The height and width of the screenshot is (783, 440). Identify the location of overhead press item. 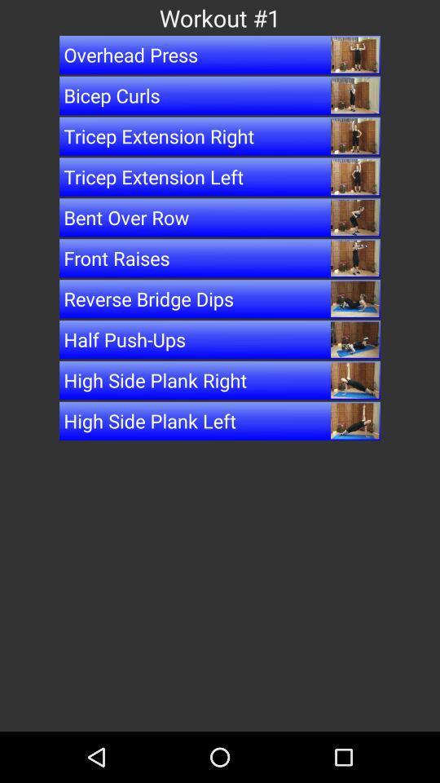
(220, 55).